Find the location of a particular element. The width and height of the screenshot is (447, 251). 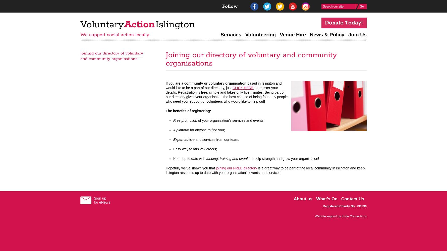

'Website support by Insite Connections' is located at coordinates (315, 216).